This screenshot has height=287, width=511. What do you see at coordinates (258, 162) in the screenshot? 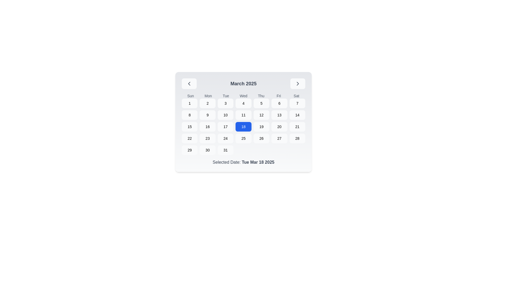
I see `the text element displaying the date 'Tue Mar 18 2025', which is styled in gray and positioned at the right end of 'Selected Date:' below a calendar widget` at bounding box center [258, 162].